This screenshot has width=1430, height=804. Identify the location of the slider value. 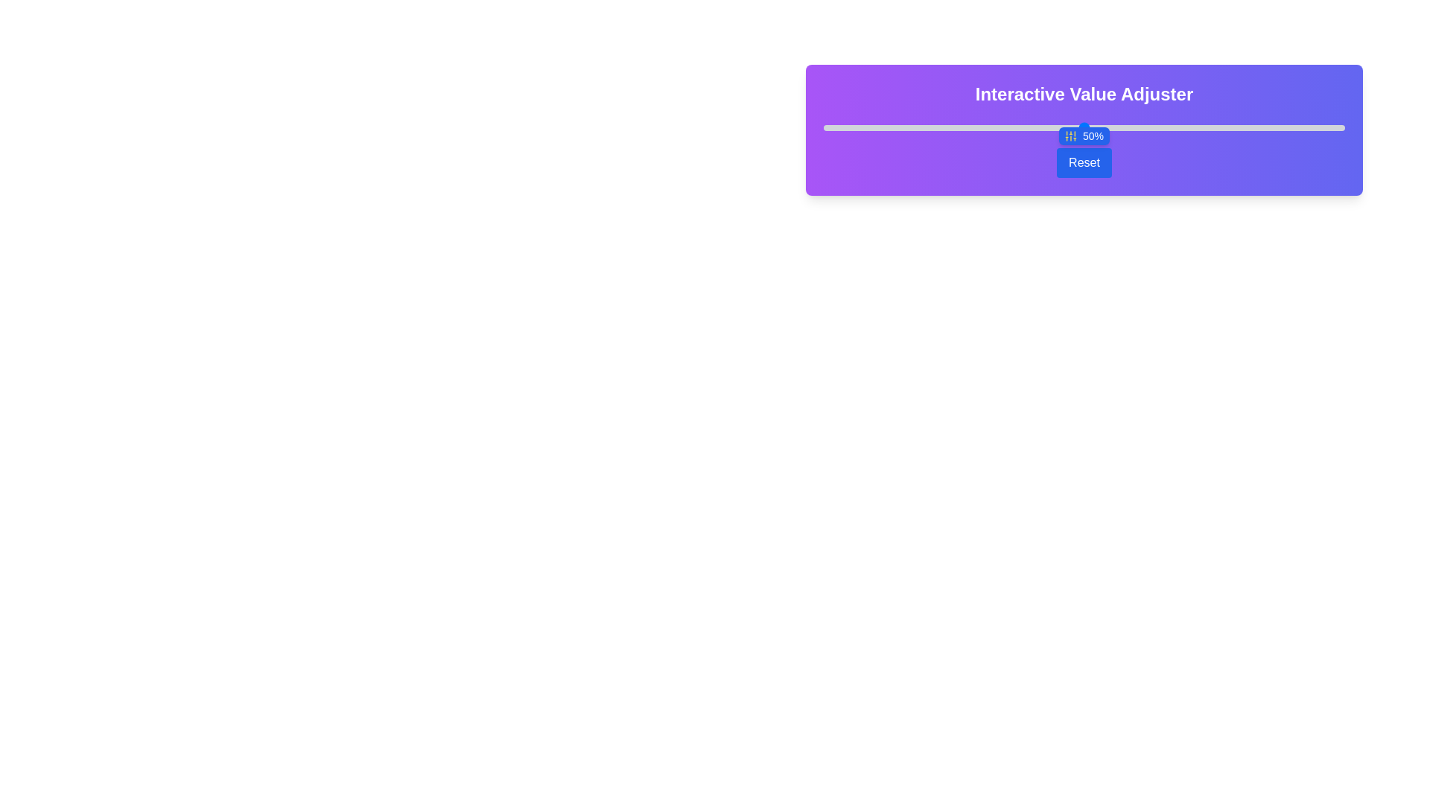
(850, 127).